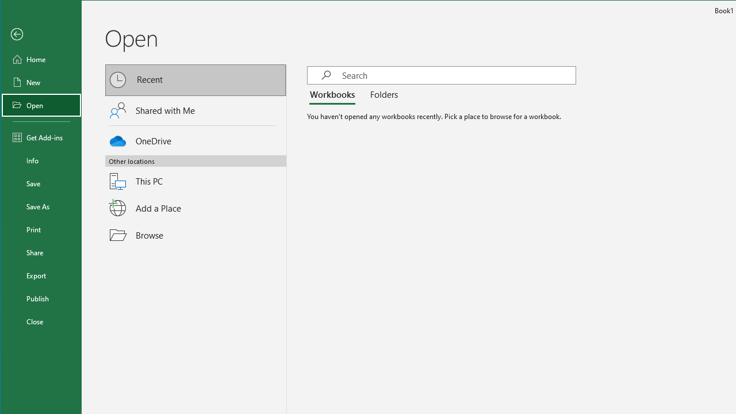  Describe the element at coordinates (41, 298) in the screenshot. I see `'Publish'` at that location.